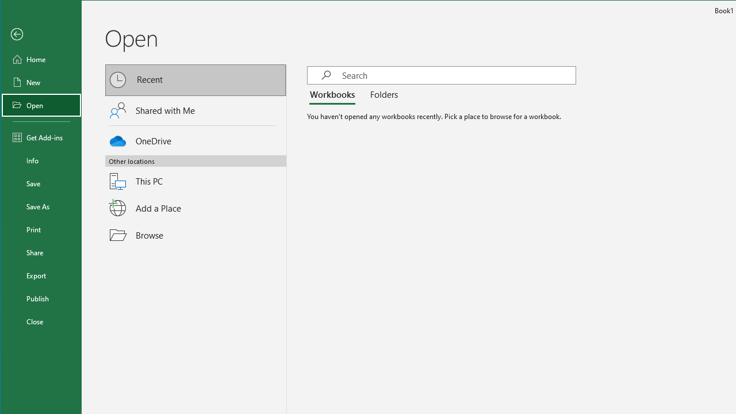  Describe the element at coordinates (41, 298) in the screenshot. I see `'Publish'` at that location.